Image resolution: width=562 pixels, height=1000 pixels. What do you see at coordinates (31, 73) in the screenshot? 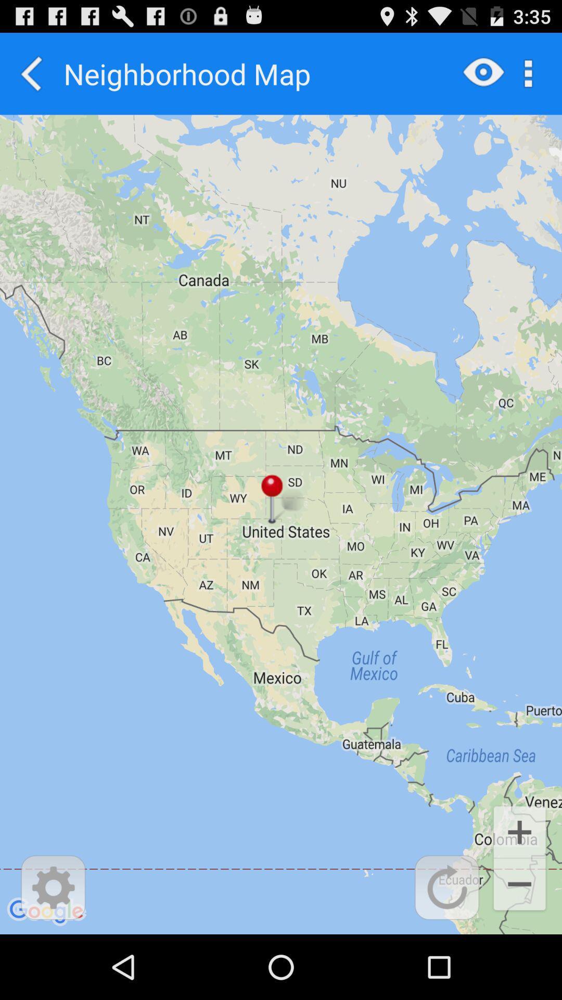
I see `icon next to the neighborhood map icon` at bounding box center [31, 73].